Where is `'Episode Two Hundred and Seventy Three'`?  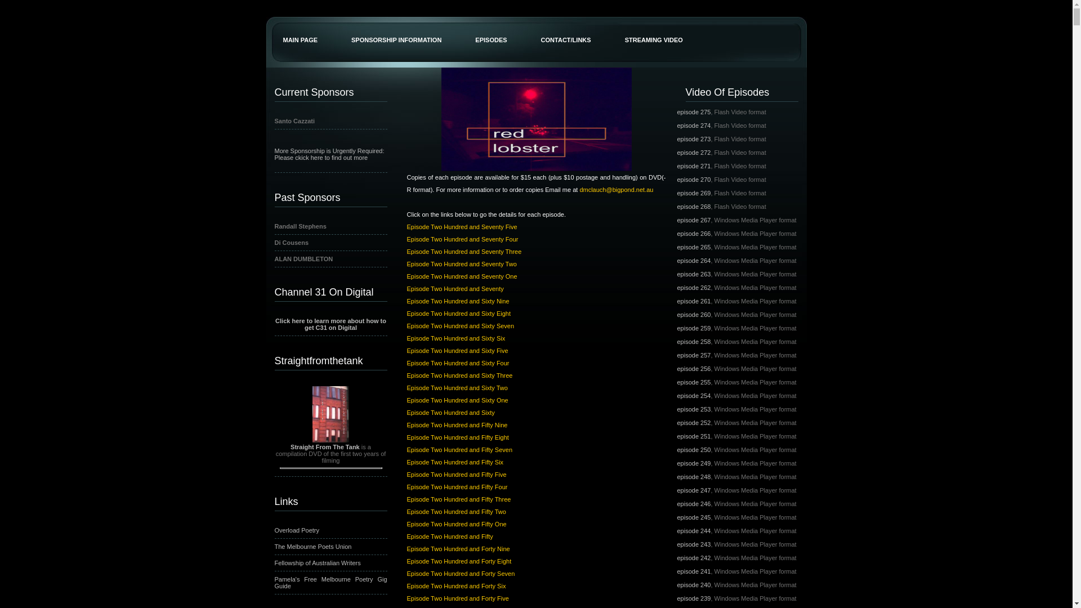 'Episode Two Hundred and Seventy Three' is located at coordinates (464, 251).